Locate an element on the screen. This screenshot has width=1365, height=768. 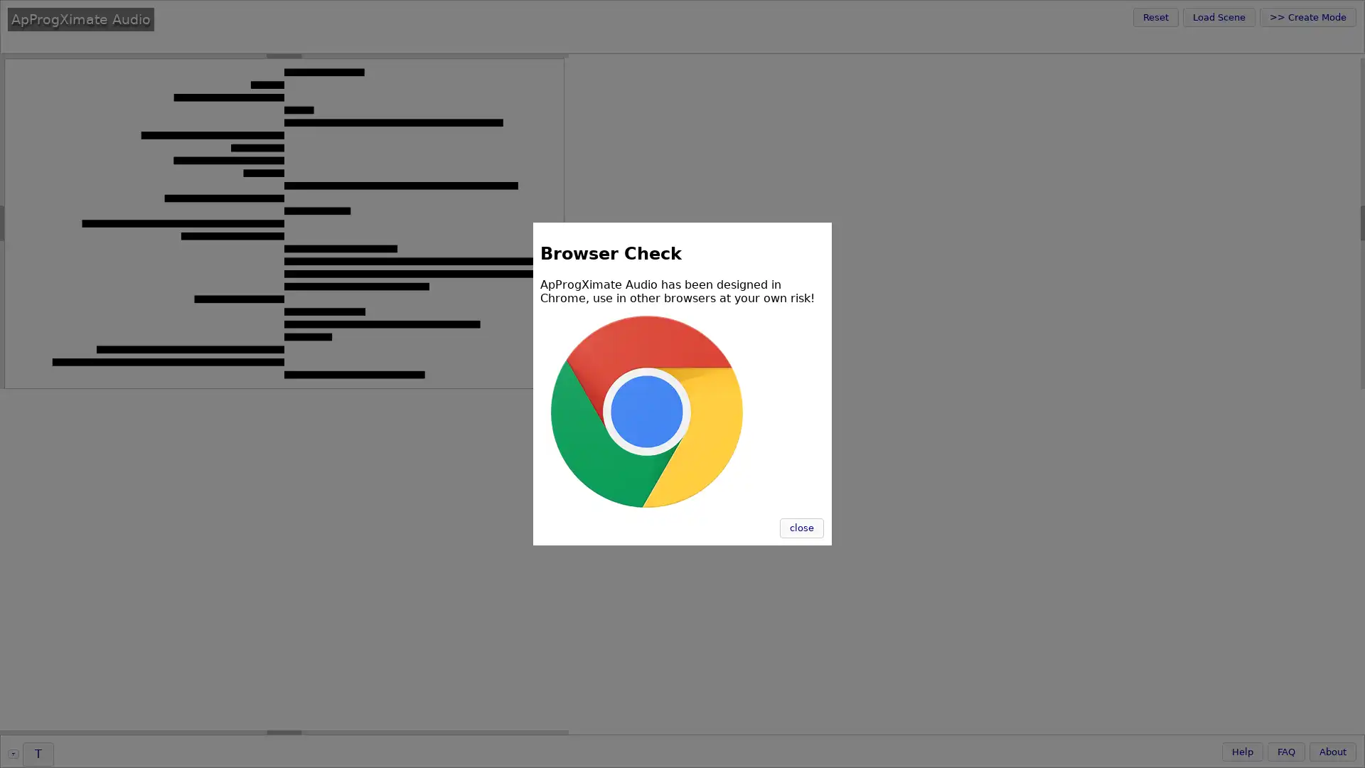
close is located at coordinates (801, 528).